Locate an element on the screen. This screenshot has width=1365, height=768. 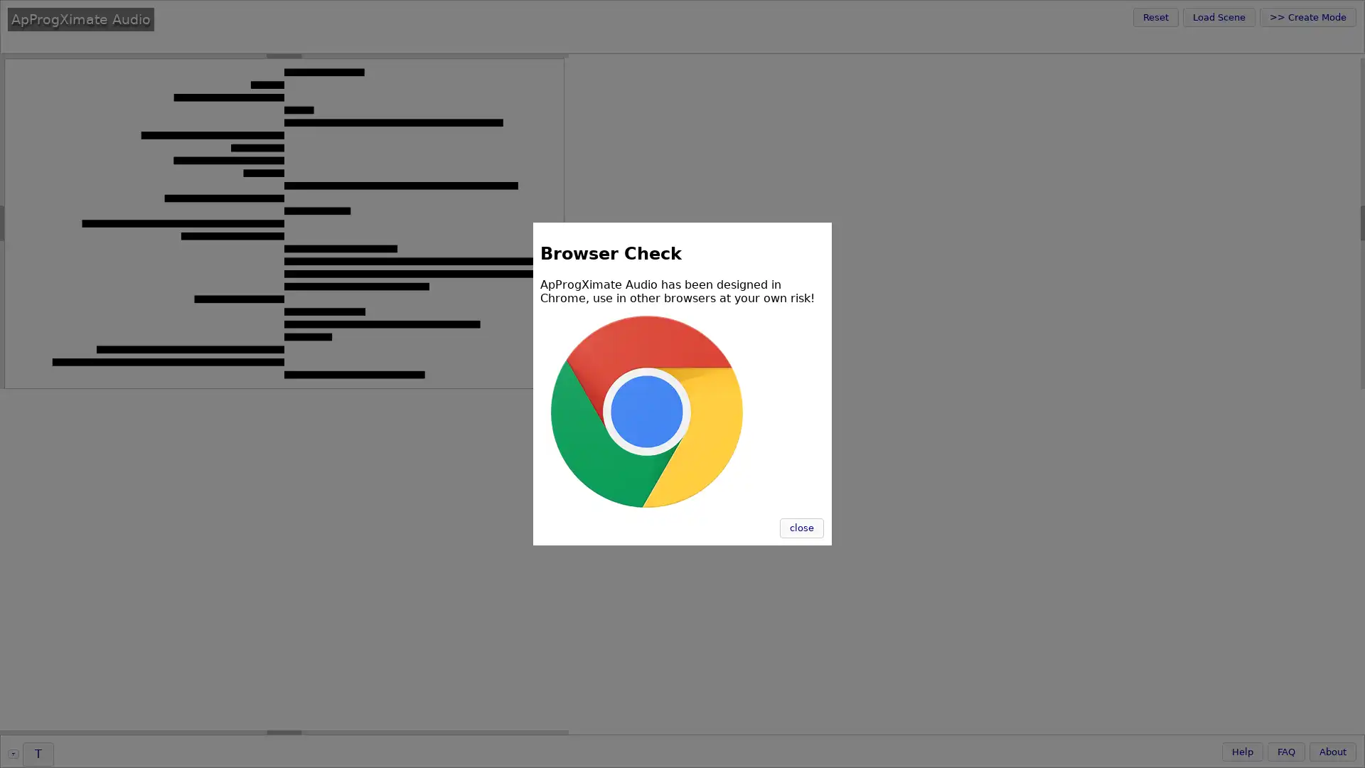
close is located at coordinates (801, 528).